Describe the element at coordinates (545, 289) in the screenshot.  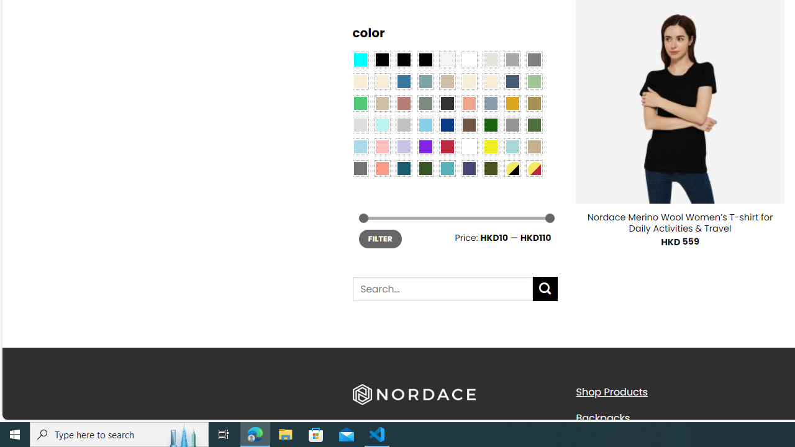
I see `'Submit'` at that location.